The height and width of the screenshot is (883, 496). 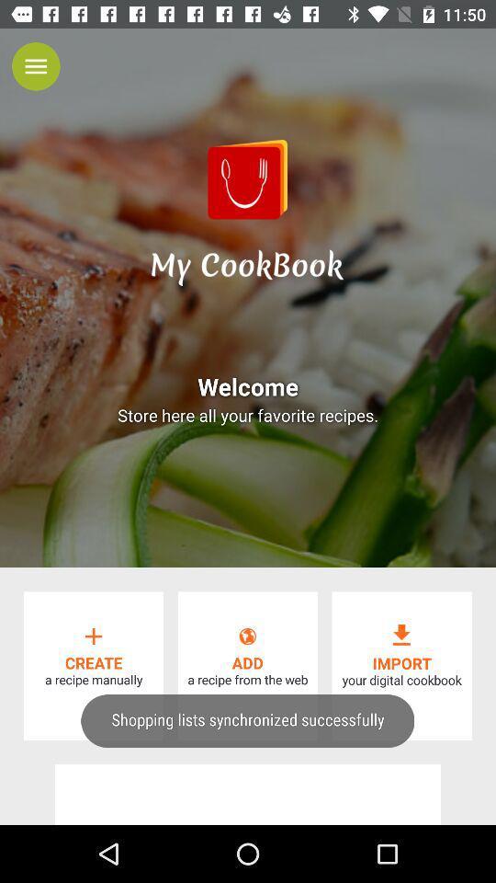 What do you see at coordinates (36, 66) in the screenshot?
I see `the menu icon` at bounding box center [36, 66].